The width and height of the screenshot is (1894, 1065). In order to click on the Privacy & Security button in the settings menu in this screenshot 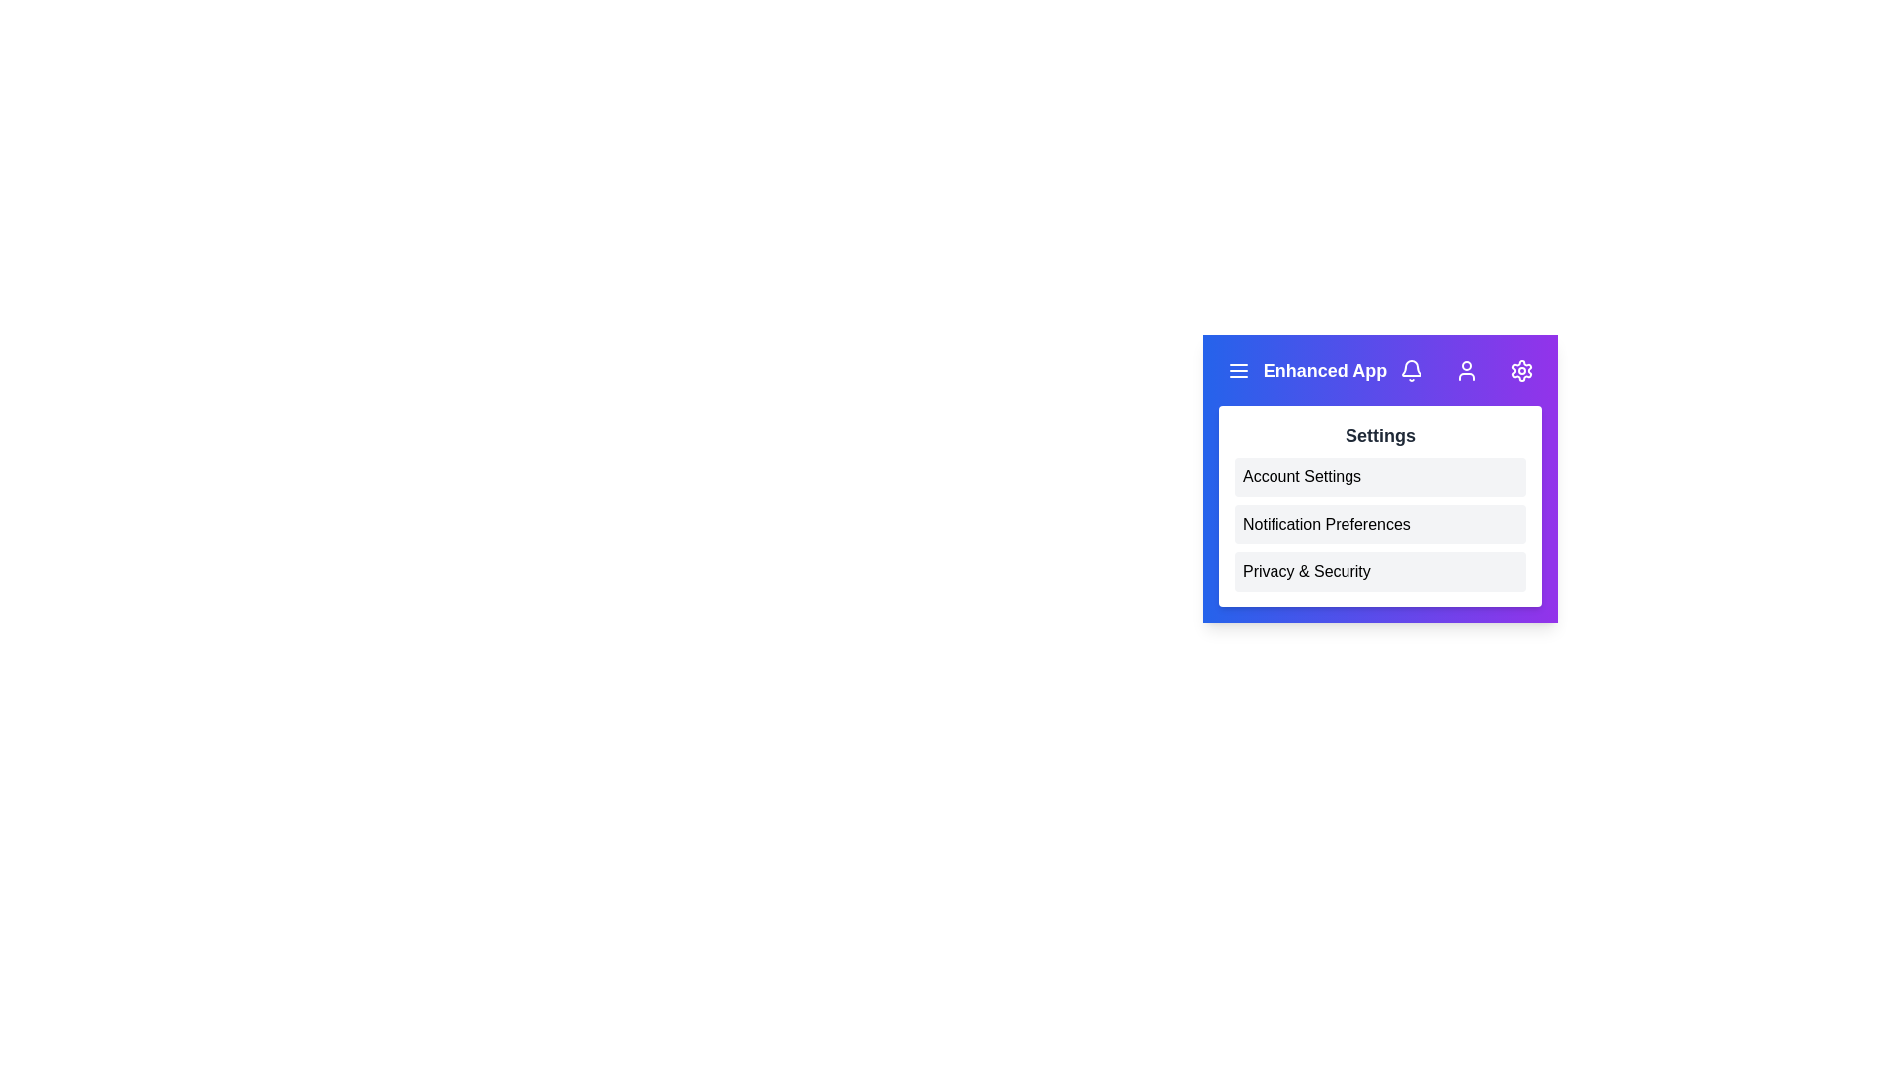, I will do `click(1379, 571)`.